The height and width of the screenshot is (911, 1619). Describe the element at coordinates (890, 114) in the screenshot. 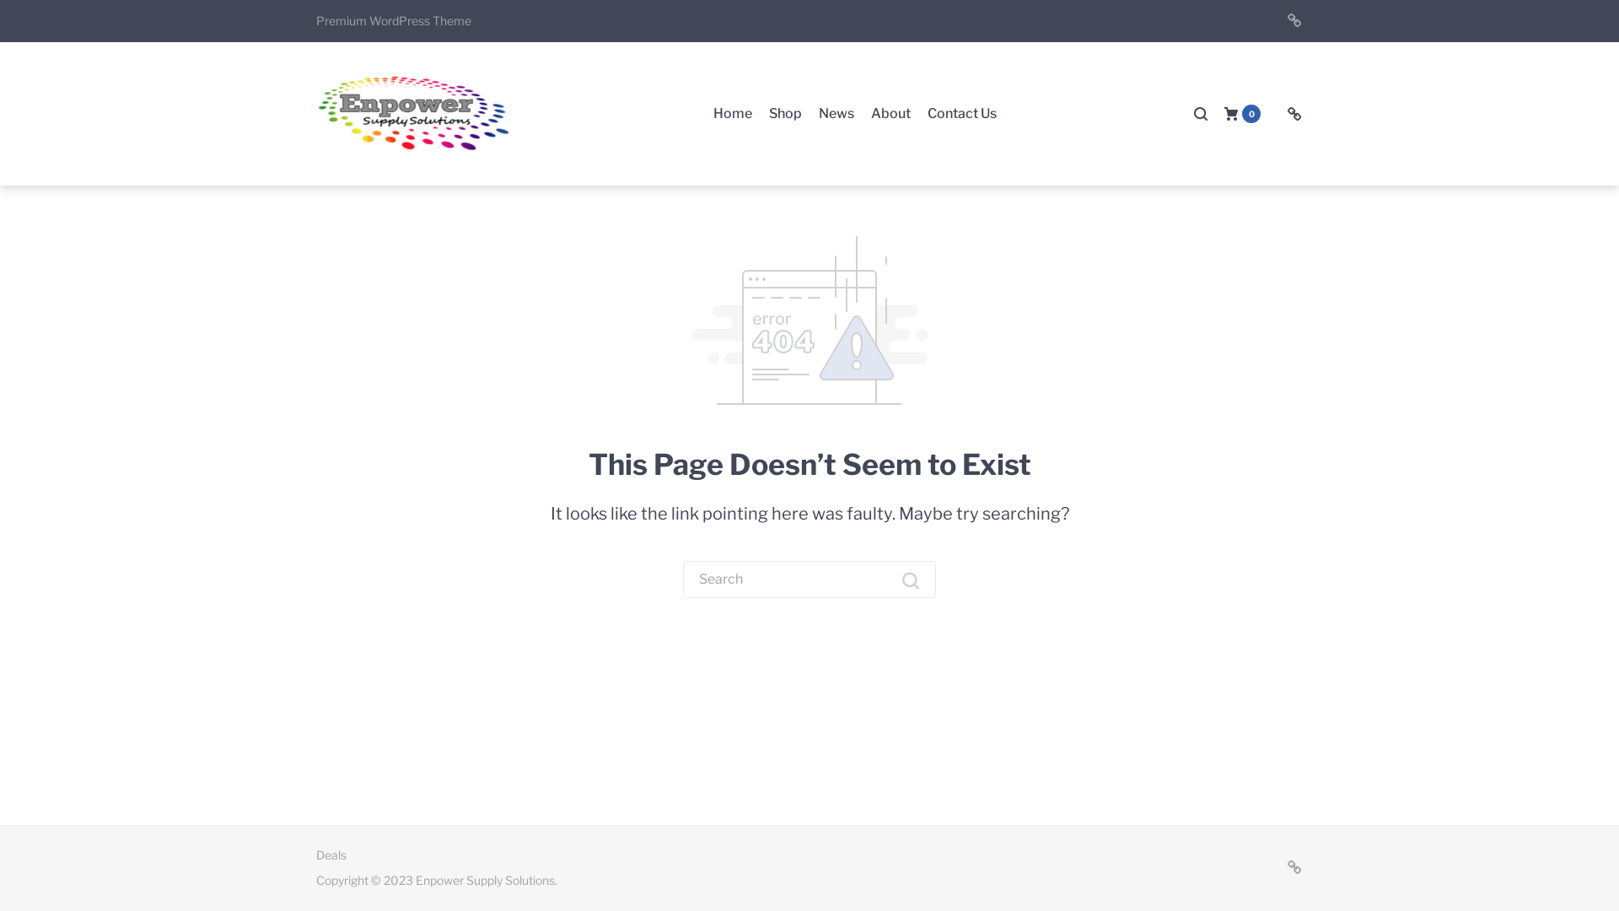

I see `'About'` at that location.